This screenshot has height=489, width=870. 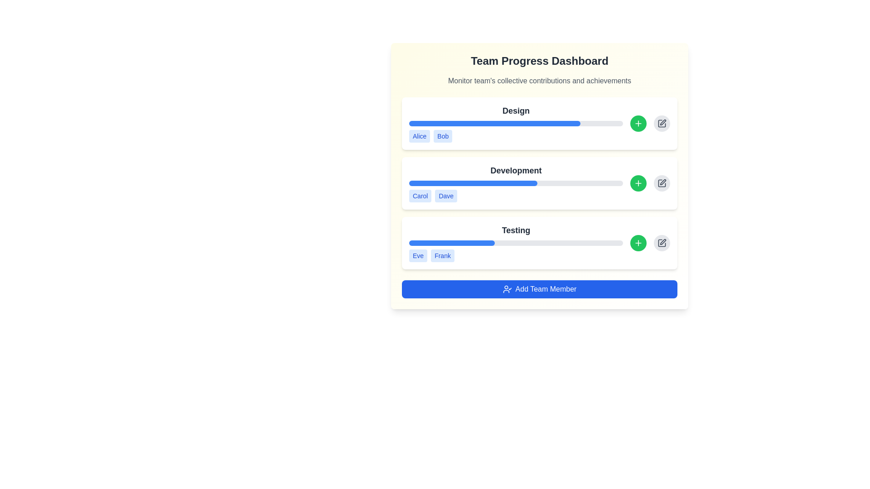 What do you see at coordinates (539, 183) in the screenshot?
I see `the second progress bar labeled 'Development' in the 'Team Progress Dashboard'` at bounding box center [539, 183].